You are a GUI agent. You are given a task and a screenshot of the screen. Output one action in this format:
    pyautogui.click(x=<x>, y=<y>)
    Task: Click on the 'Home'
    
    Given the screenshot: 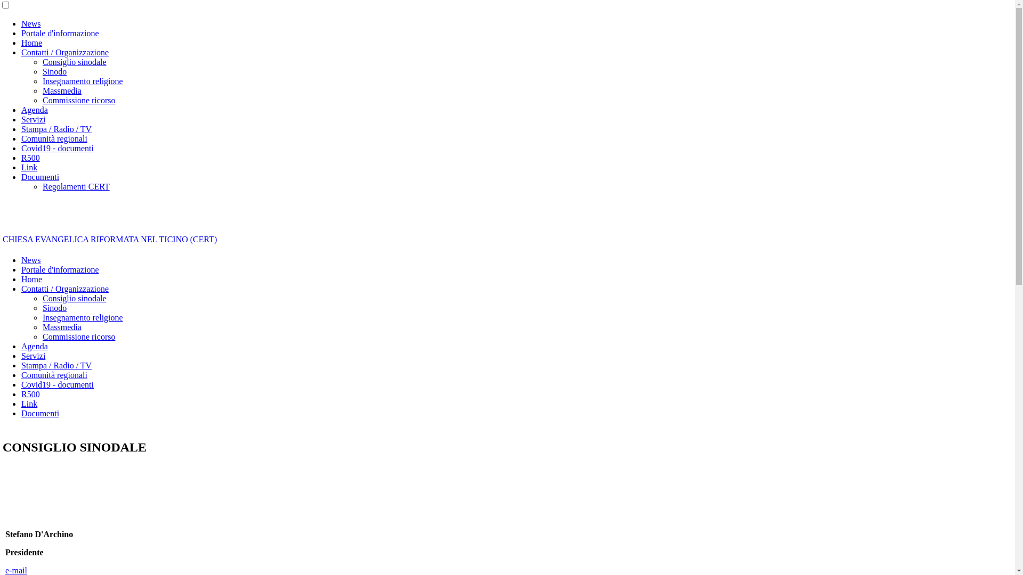 What is the action you would take?
    pyautogui.click(x=31, y=42)
    